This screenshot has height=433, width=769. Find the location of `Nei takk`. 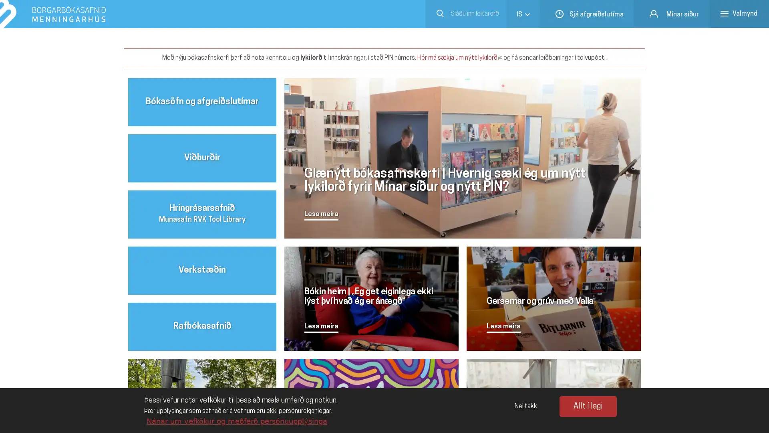

Nei takk is located at coordinates (526, 407).